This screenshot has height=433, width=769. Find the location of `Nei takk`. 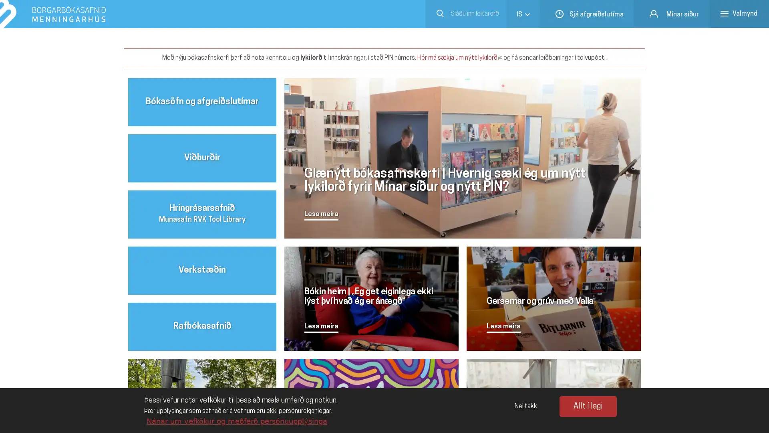

Nei takk is located at coordinates (526, 407).